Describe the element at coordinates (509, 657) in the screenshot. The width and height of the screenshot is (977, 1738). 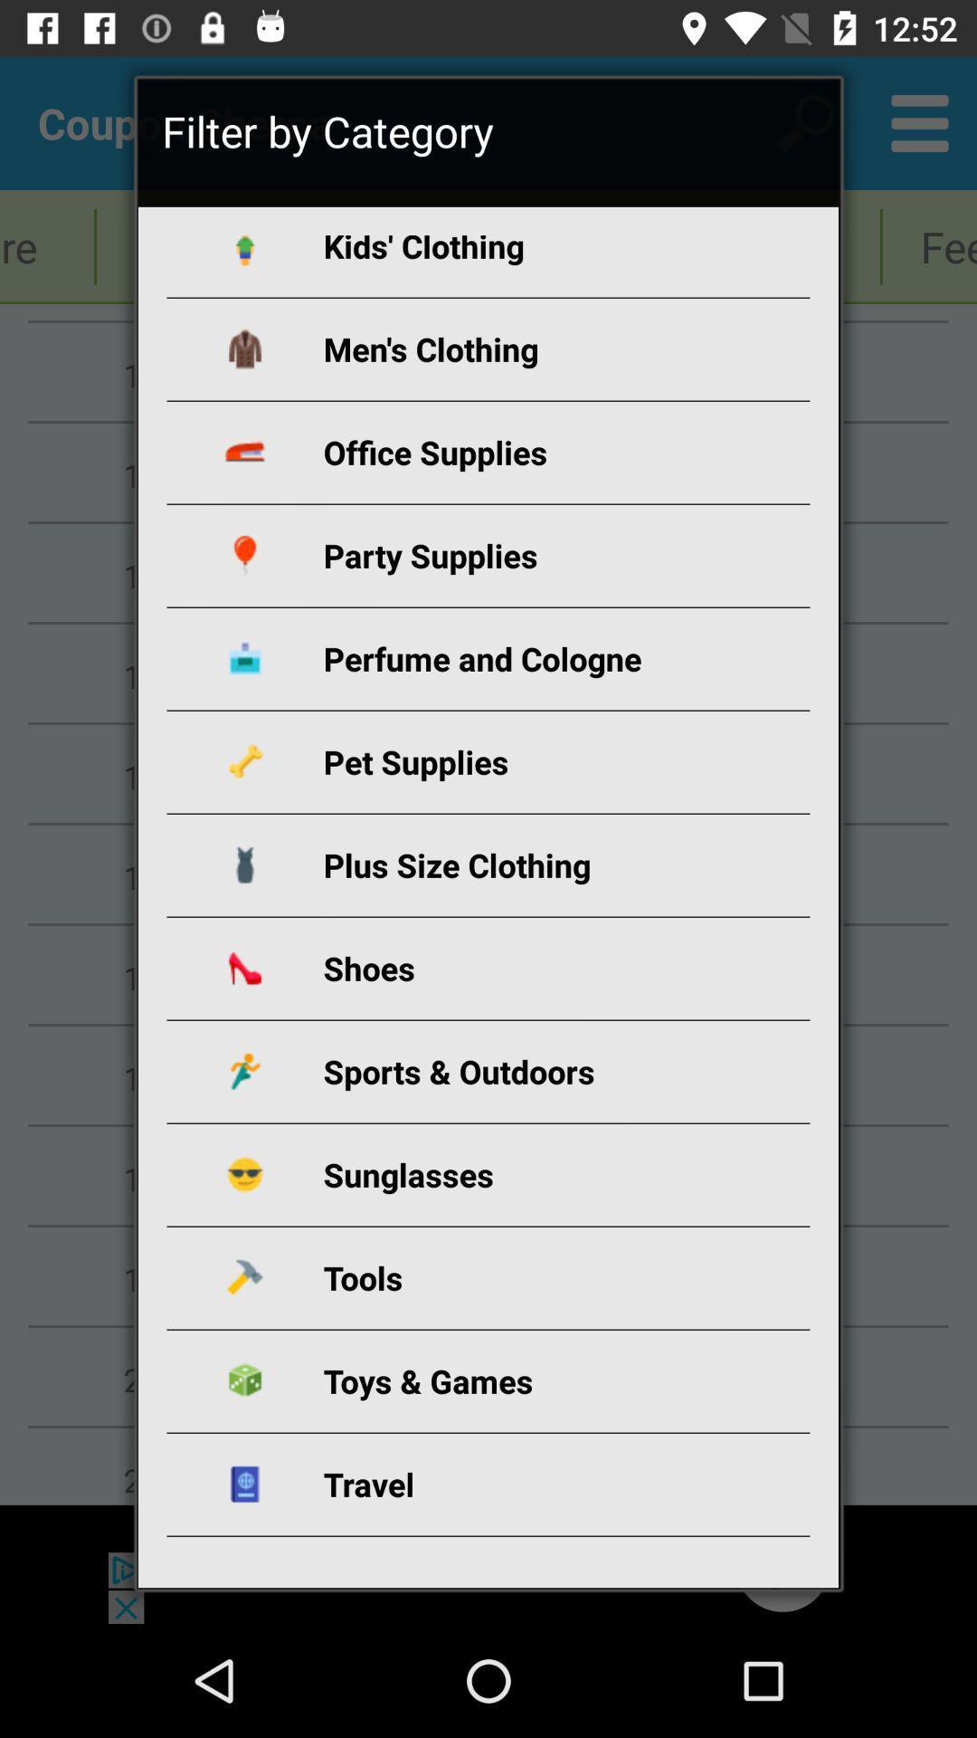
I see `the item below the party supplies` at that location.